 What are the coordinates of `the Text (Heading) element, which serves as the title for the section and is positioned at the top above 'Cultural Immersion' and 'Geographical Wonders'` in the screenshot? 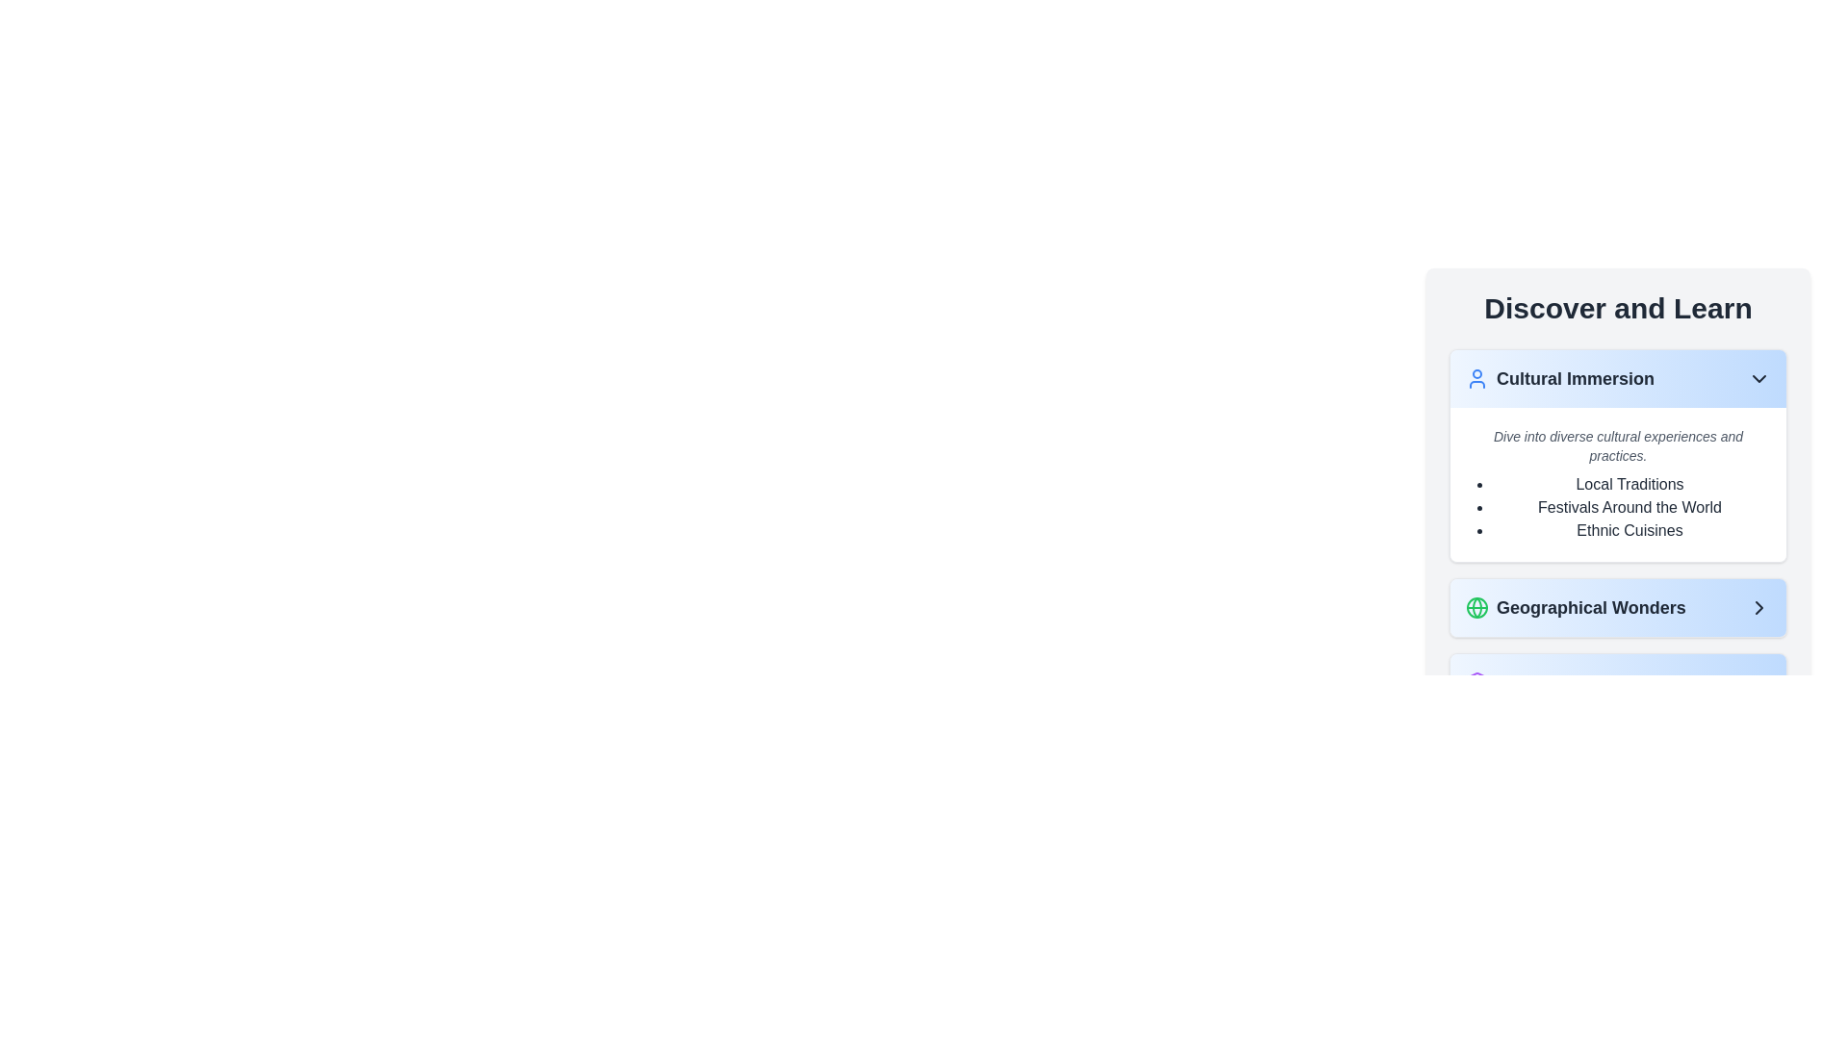 It's located at (1617, 307).